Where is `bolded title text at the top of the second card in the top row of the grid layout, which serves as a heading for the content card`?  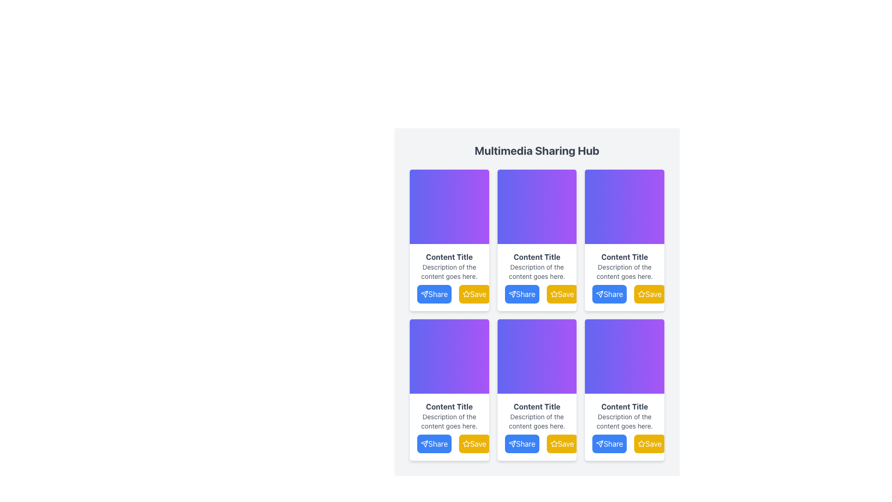
bolded title text at the top of the second card in the top row of the grid layout, which serves as a heading for the content card is located at coordinates (537, 257).